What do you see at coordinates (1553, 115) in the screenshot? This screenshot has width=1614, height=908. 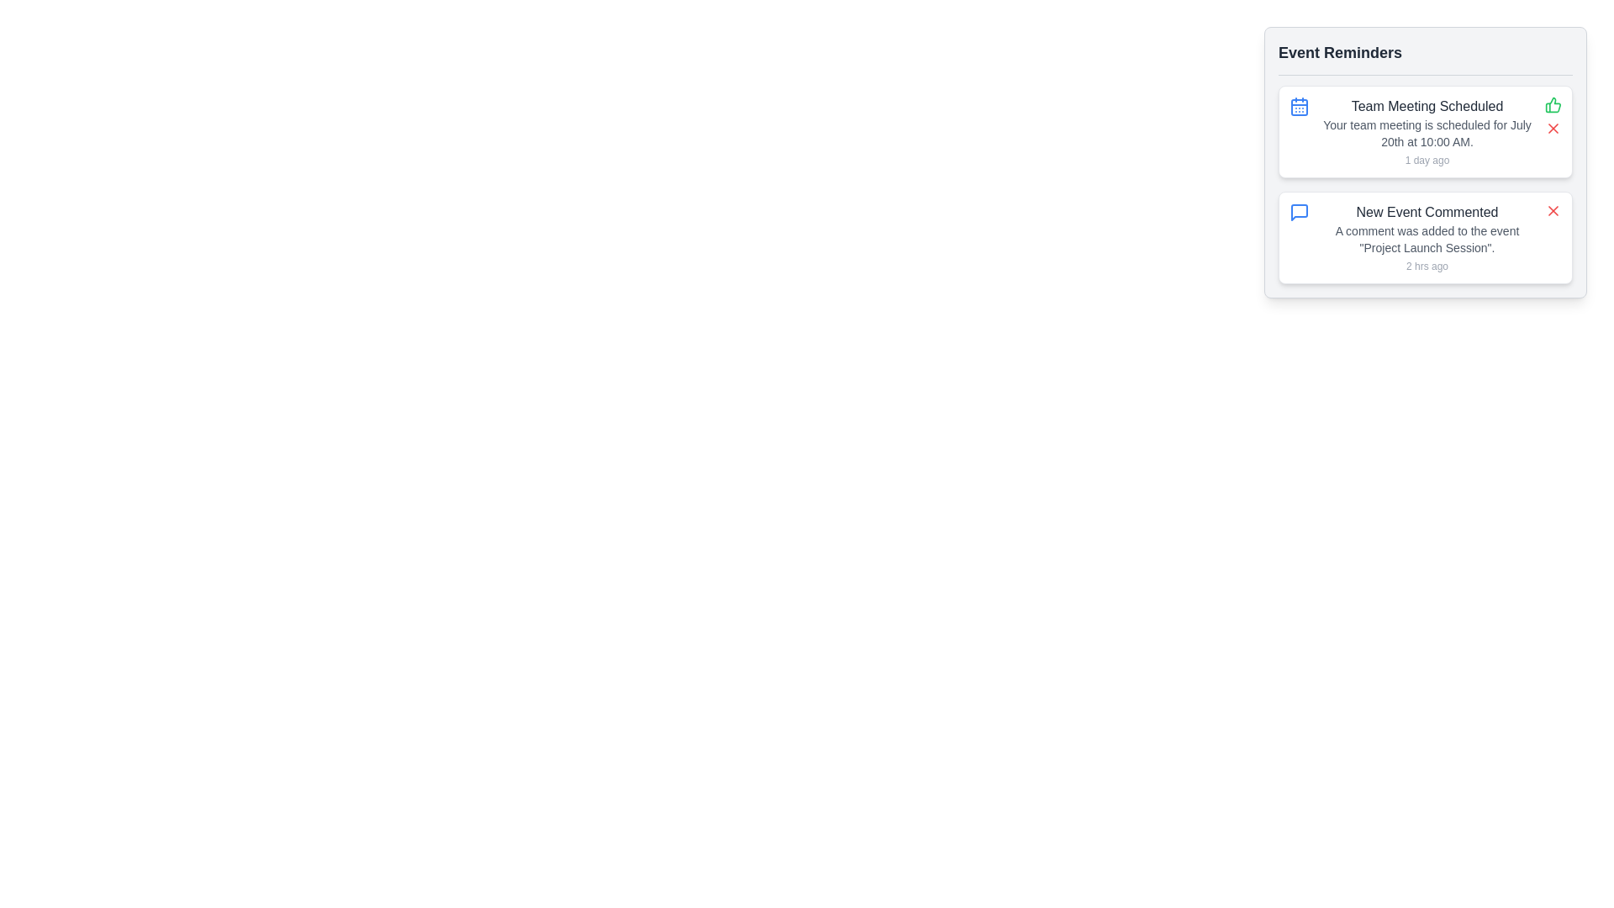 I see `the green 'thumbs up' button located at the top of the button group within the 'Team Meeting Scheduled' reminder card to indicate approval` at bounding box center [1553, 115].